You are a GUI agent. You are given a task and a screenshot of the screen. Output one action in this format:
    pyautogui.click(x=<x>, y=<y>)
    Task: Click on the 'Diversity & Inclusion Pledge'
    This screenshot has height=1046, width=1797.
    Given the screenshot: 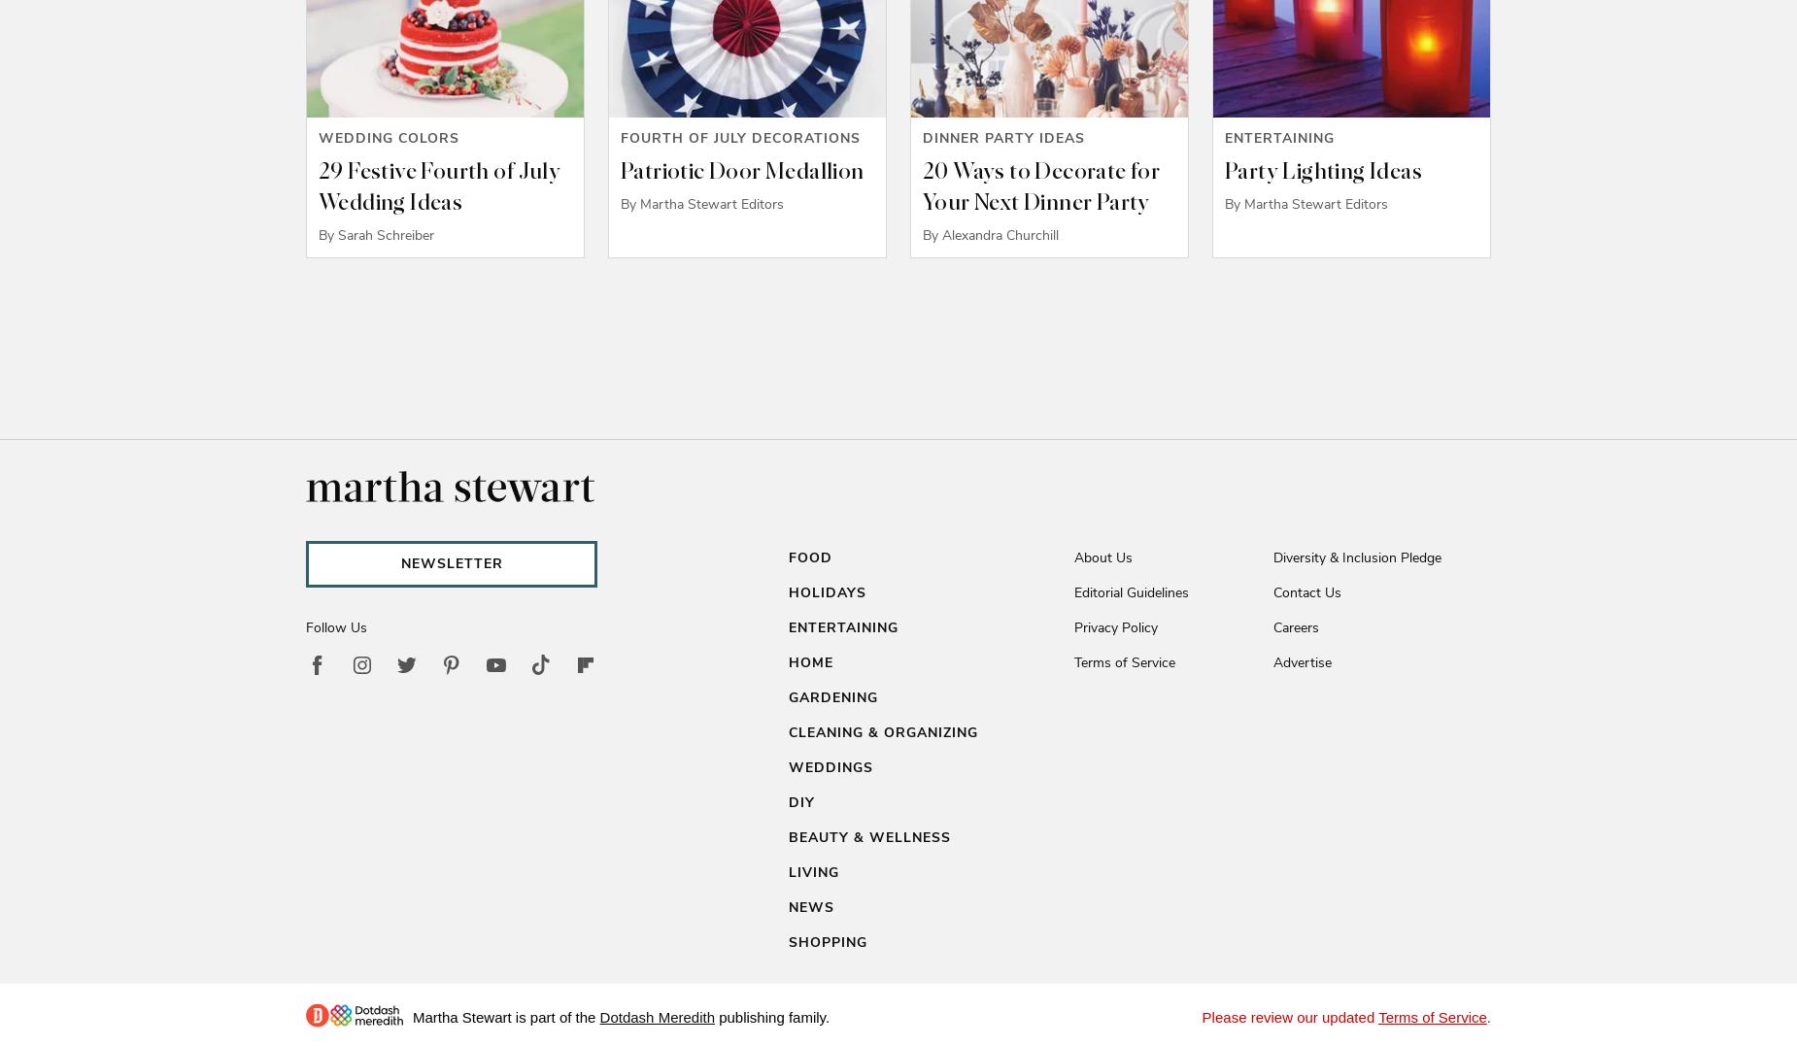 What is the action you would take?
    pyautogui.click(x=1357, y=557)
    